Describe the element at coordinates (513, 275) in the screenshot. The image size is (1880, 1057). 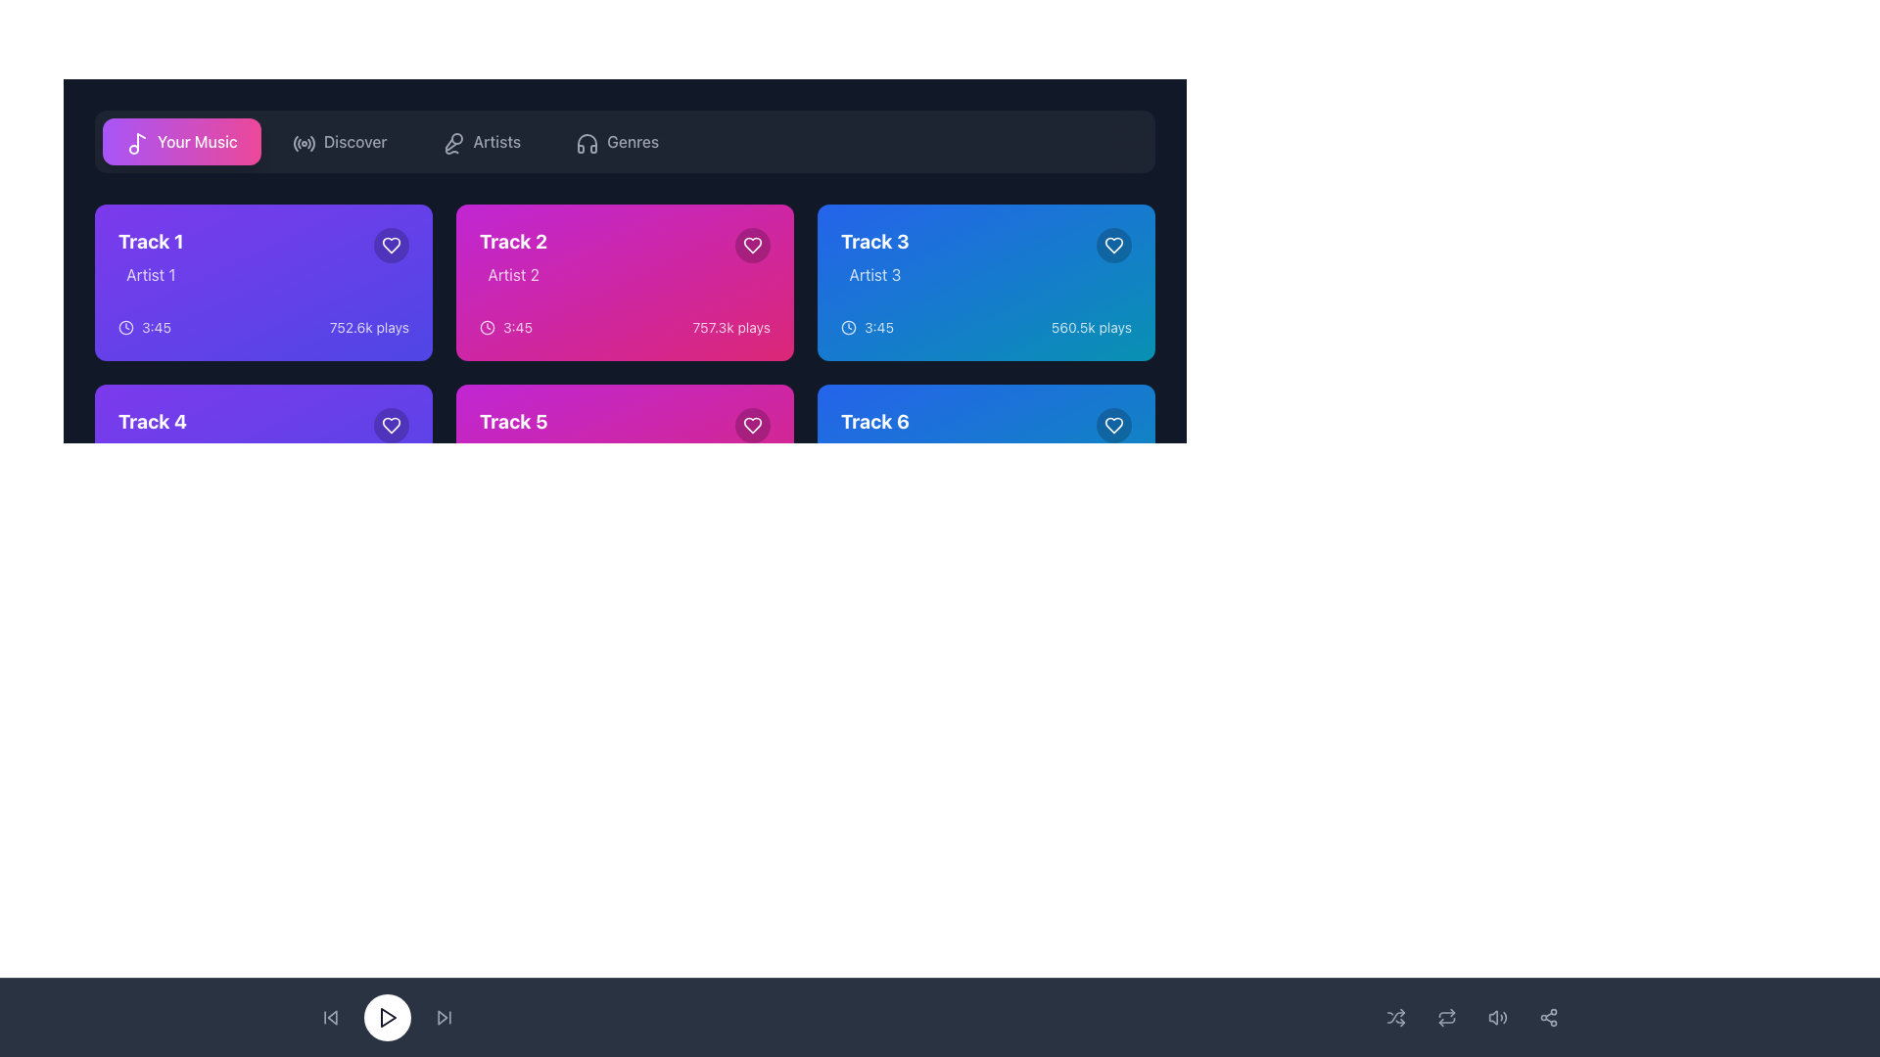
I see `text content of the text label displaying 'Artist 2' located in the pink card beneath the title 'Track 2' in the track grid` at that location.